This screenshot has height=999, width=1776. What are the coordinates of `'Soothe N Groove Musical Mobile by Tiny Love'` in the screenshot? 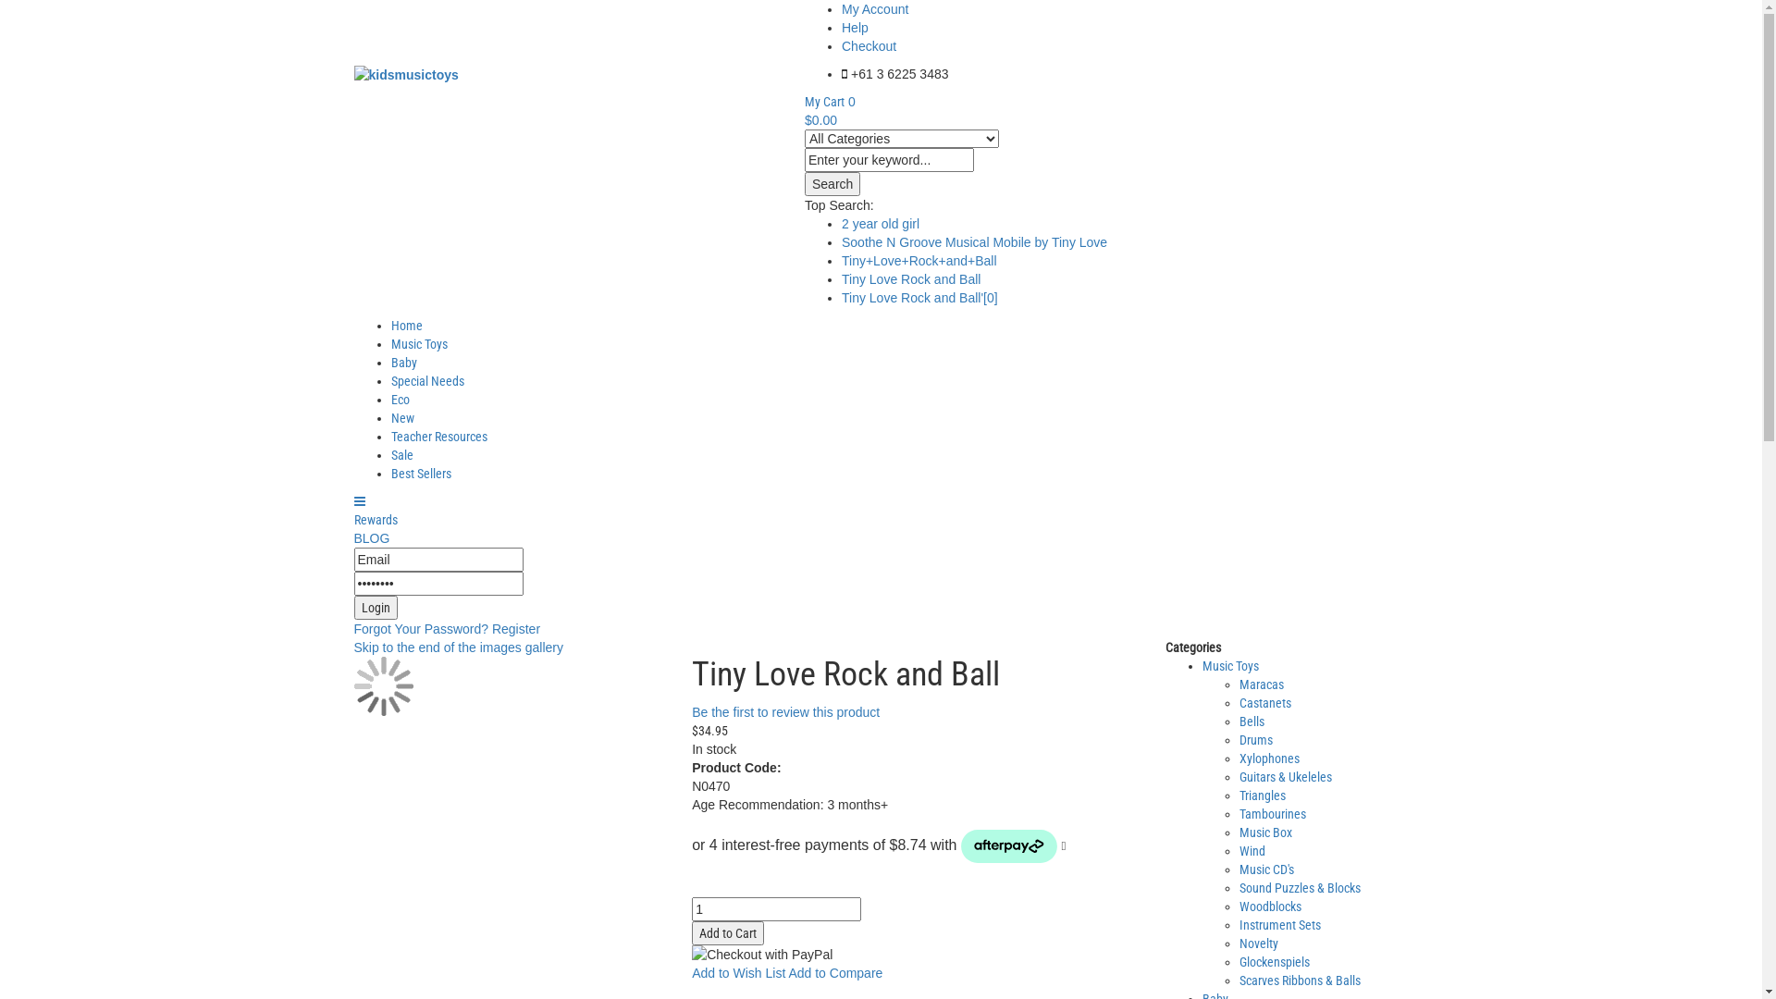 It's located at (973, 241).